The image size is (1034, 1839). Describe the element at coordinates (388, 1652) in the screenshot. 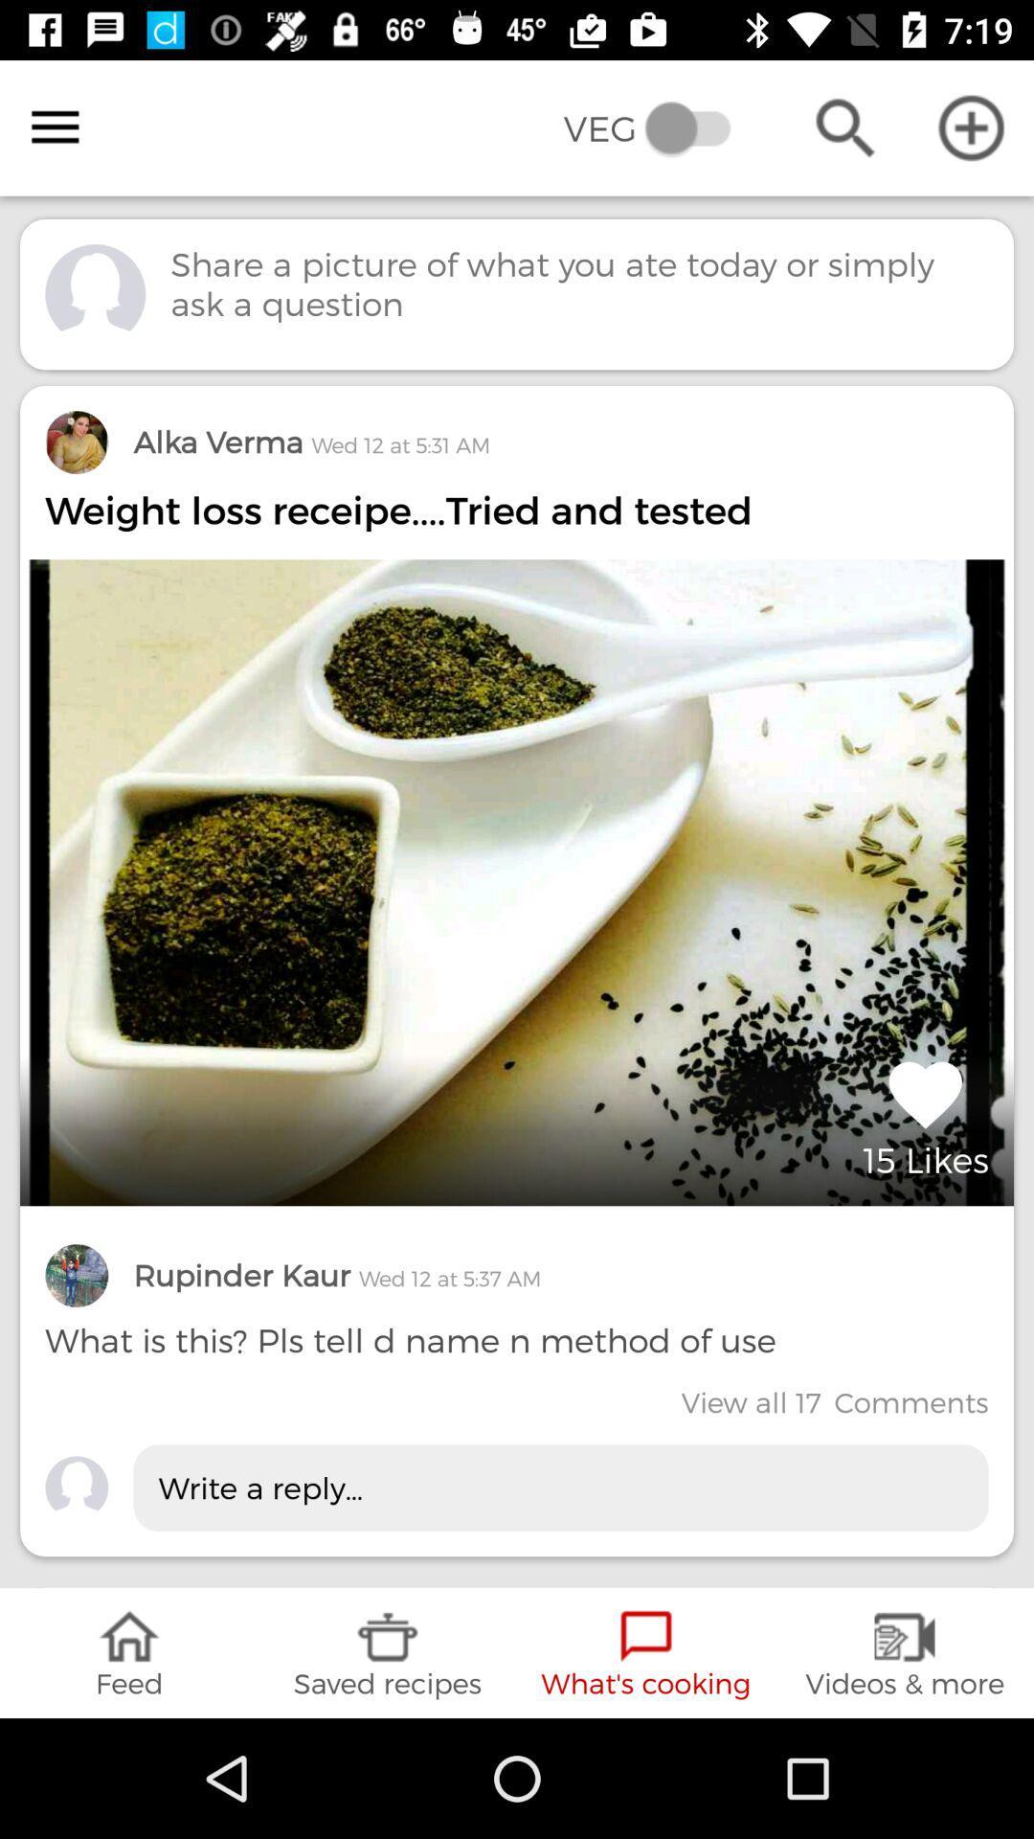

I see `icon below write a reply...` at that location.